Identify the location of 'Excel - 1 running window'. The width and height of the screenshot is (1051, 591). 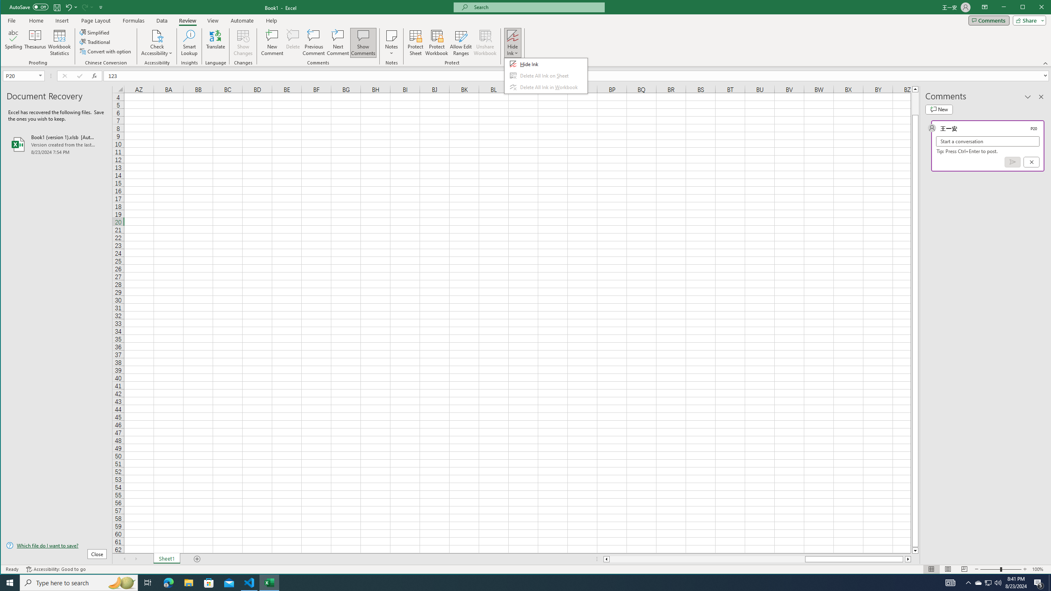
(269, 582).